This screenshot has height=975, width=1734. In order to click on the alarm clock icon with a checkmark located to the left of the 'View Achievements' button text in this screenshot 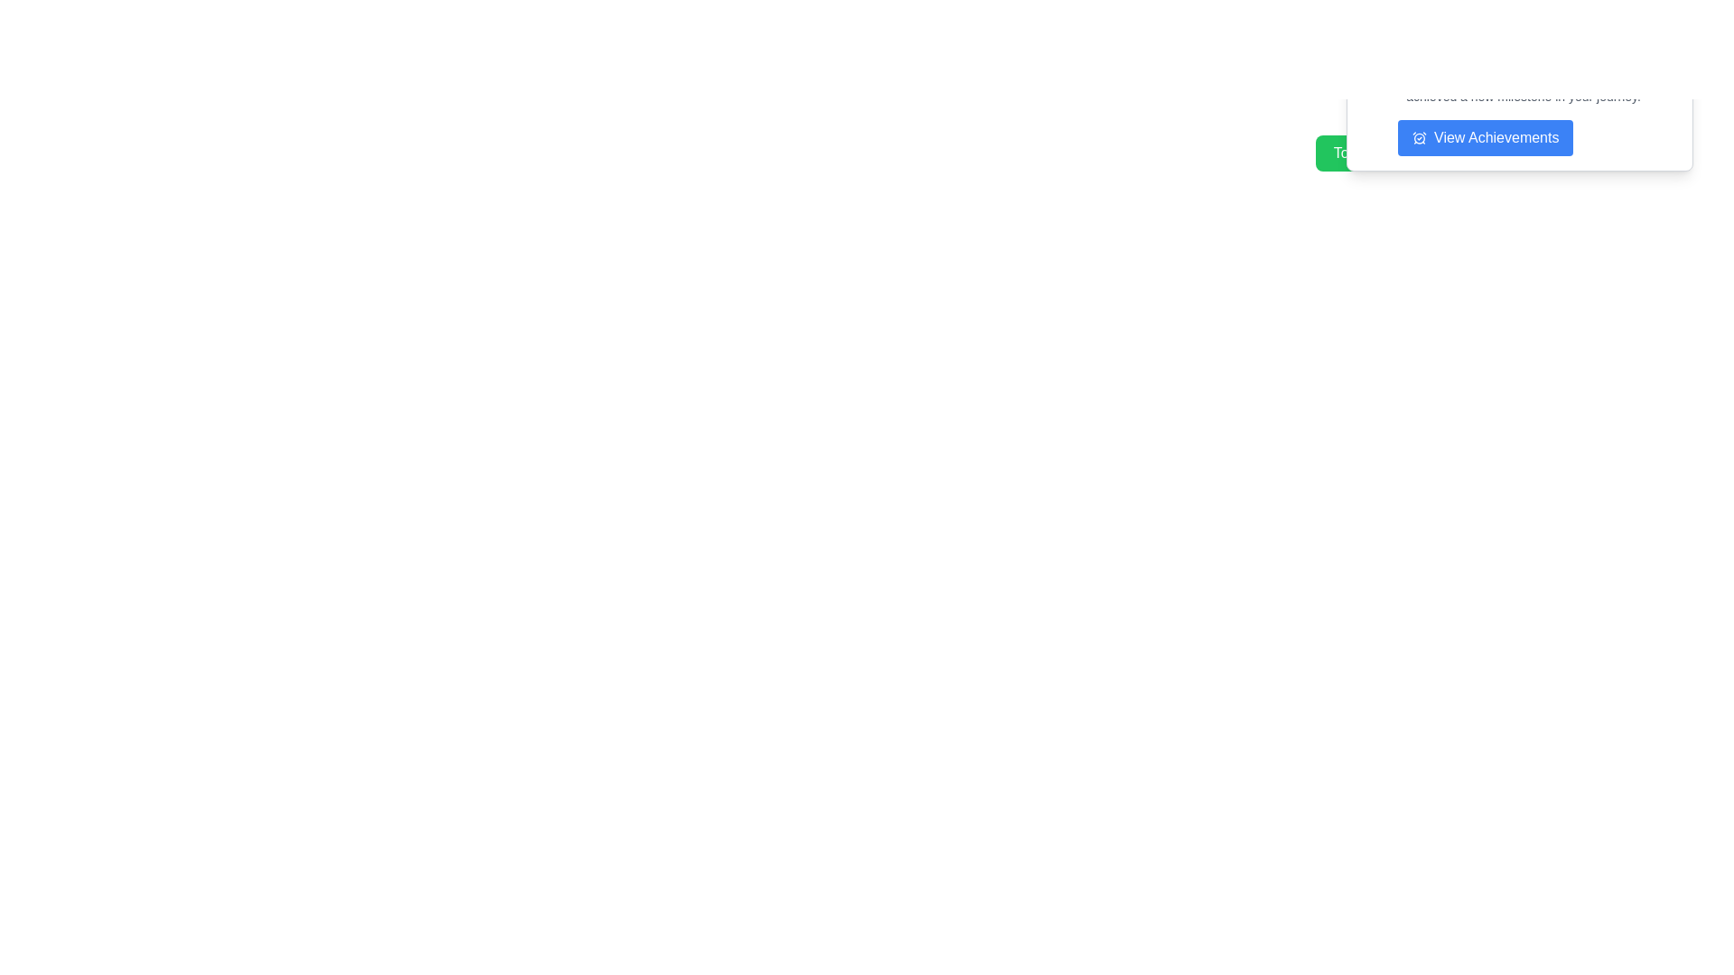, I will do `click(1418, 137)`.